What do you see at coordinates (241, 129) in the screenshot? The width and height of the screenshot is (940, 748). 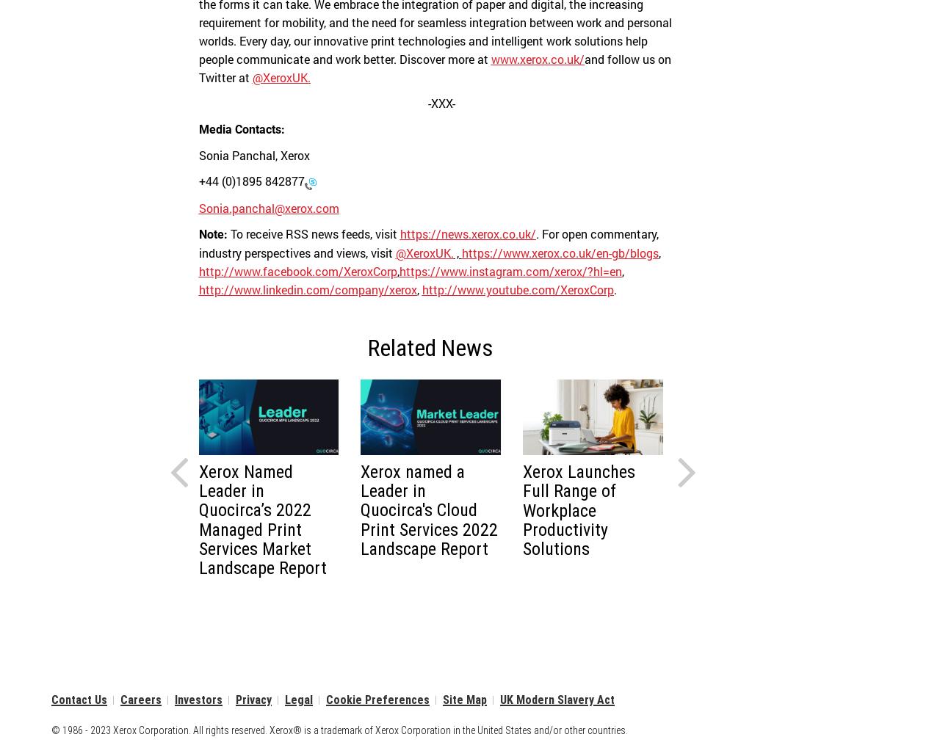 I see `'Media Contacts:'` at bounding box center [241, 129].